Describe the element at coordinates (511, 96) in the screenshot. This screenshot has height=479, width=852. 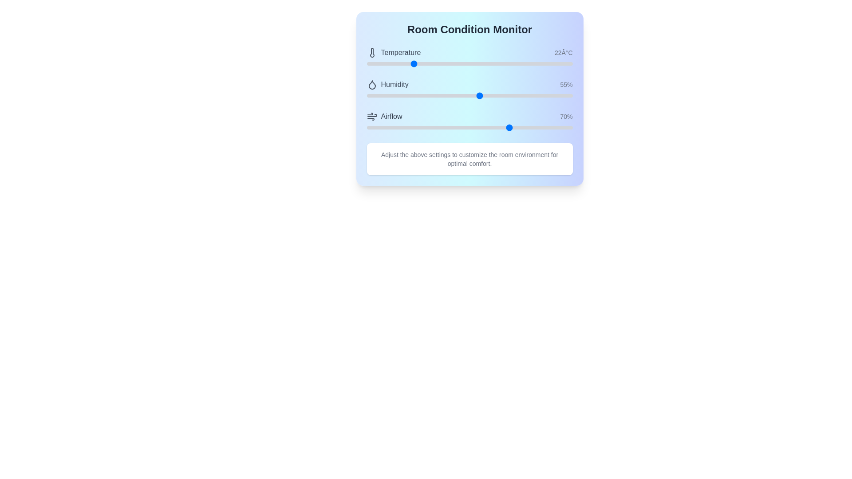
I see `the humidity level` at that location.